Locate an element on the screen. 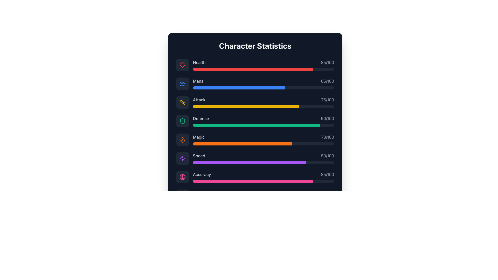 The width and height of the screenshot is (498, 280). score value displayed in the static text label '90/100' on the far-right side of the 'Defense' row, adjacent to the progress bar is located at coordinates (327, 118).